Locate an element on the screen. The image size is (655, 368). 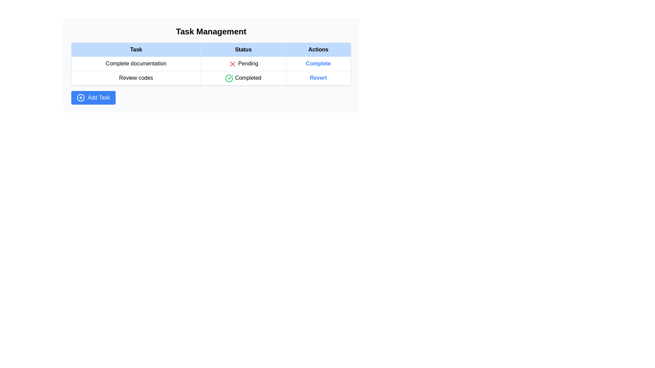
the hyperlink in the 'Actions' column of the 'Task Management' table for the task 'Complete documentation' to observe visual feedback is located at coordinates (318, 64).